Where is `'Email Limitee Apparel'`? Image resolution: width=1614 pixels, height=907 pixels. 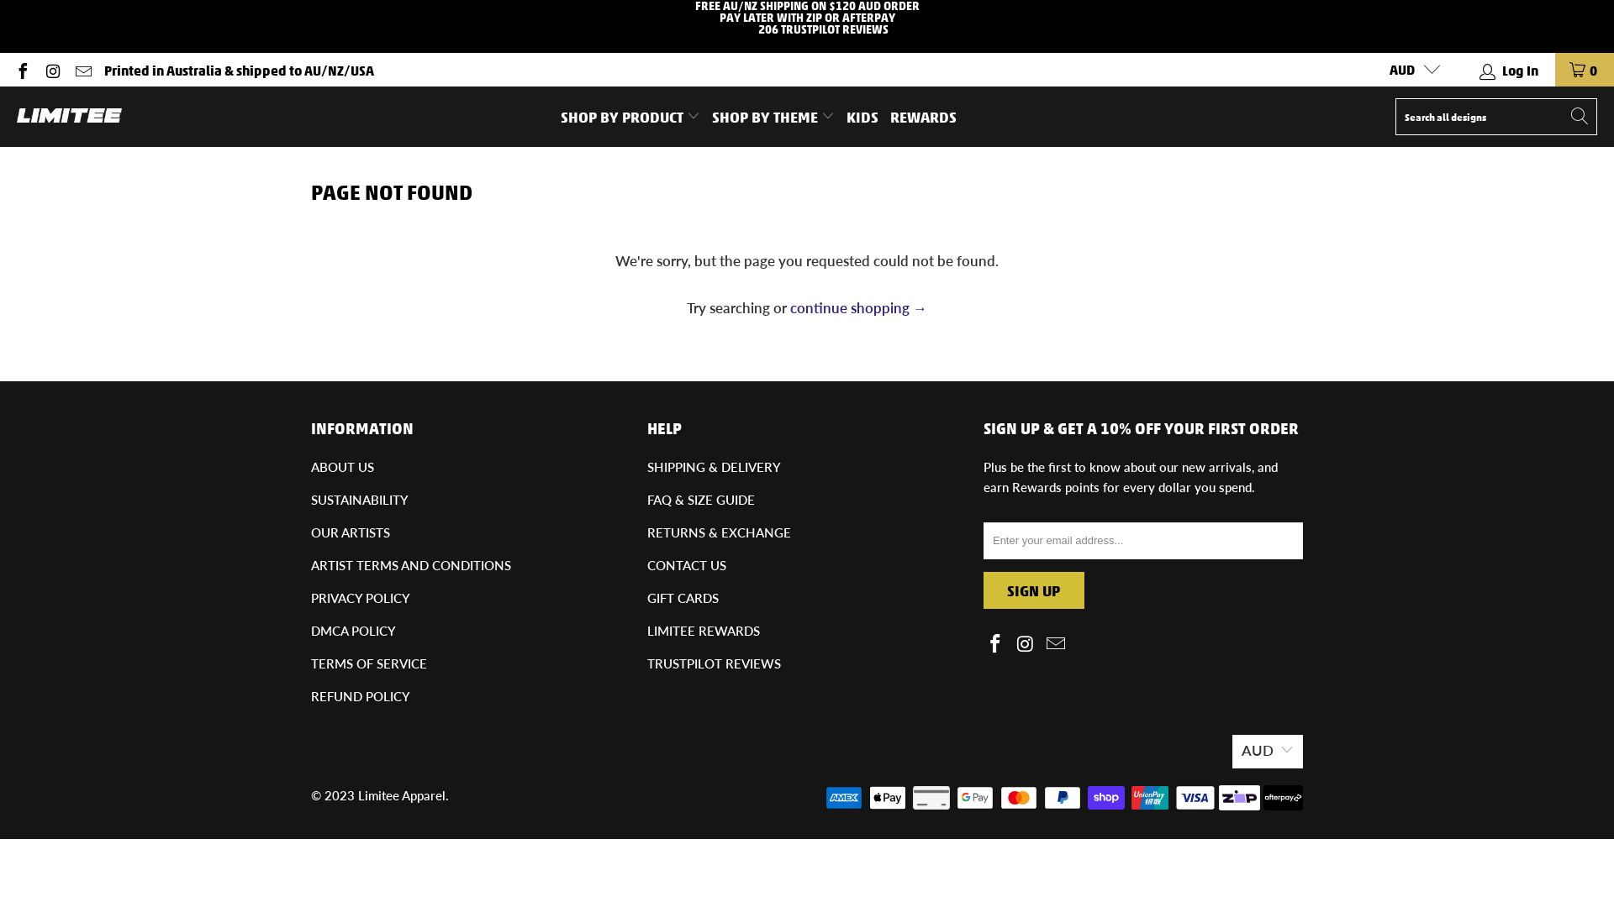 'Email Limitee Apparel' is located at coordinates (1042, 643).